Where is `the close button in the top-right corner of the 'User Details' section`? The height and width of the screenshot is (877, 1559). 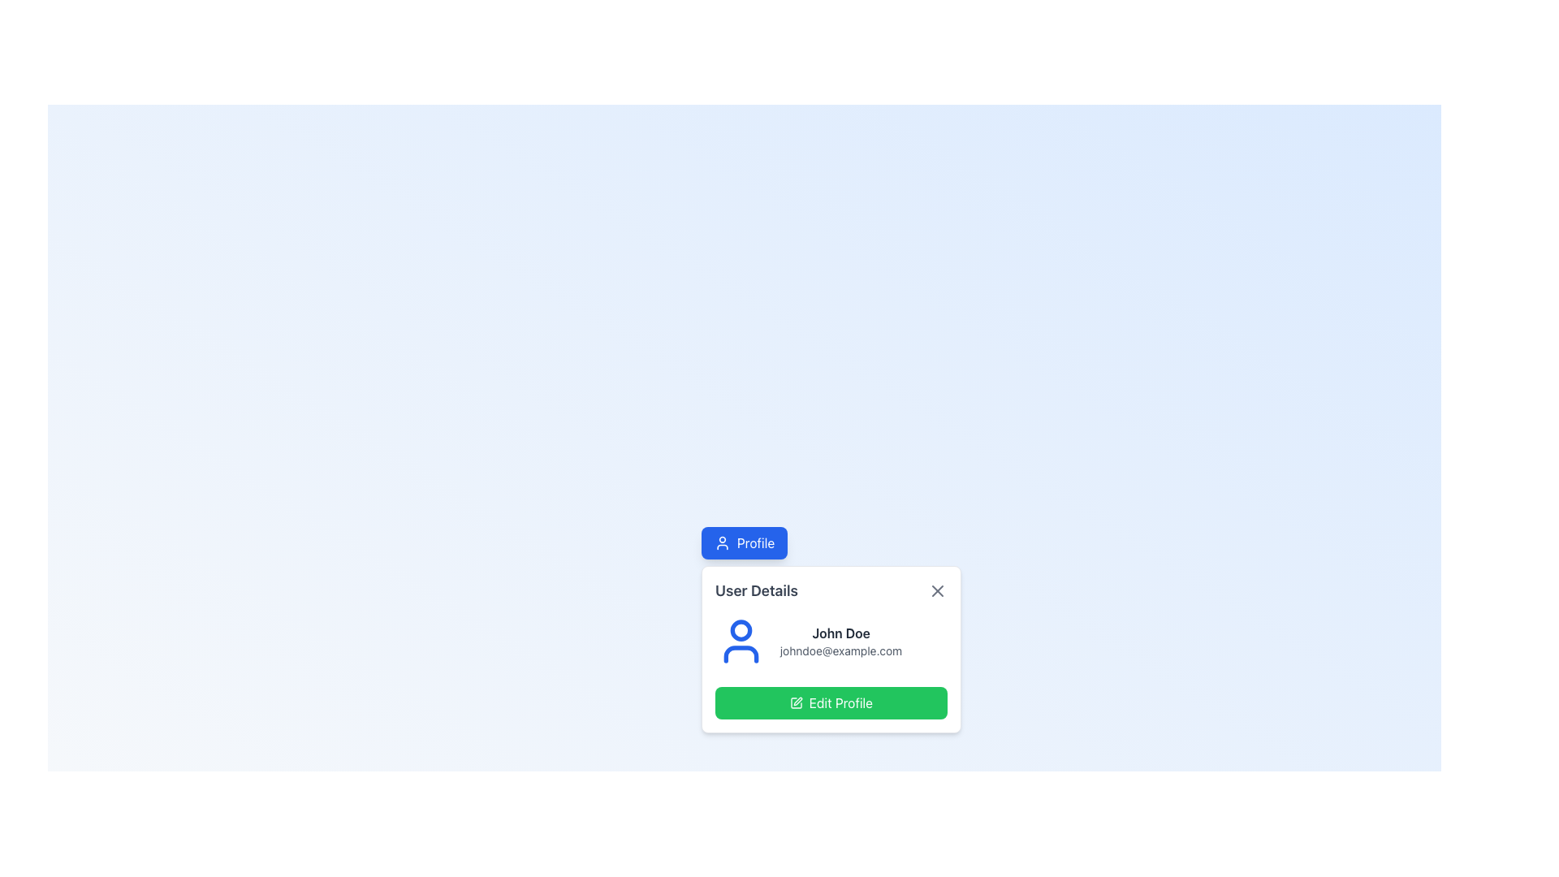
the close button in the top-right corner of the 'User Details' section is located at coordinates (937, 591).